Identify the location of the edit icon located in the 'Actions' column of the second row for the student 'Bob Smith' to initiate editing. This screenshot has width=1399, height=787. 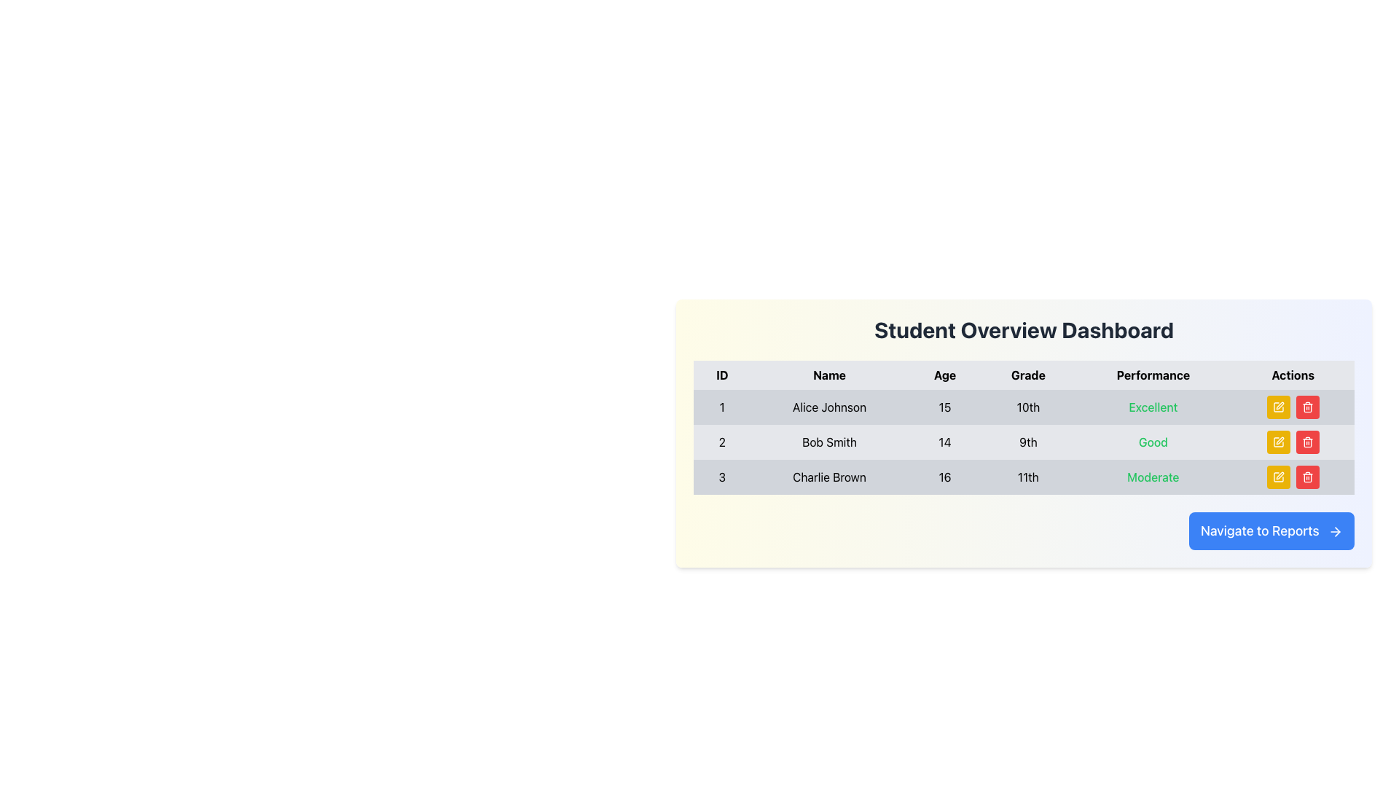
(1277, 441).